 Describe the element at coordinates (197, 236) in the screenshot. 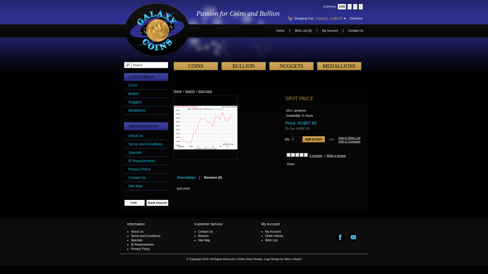

I see `'Returns'` at that location.